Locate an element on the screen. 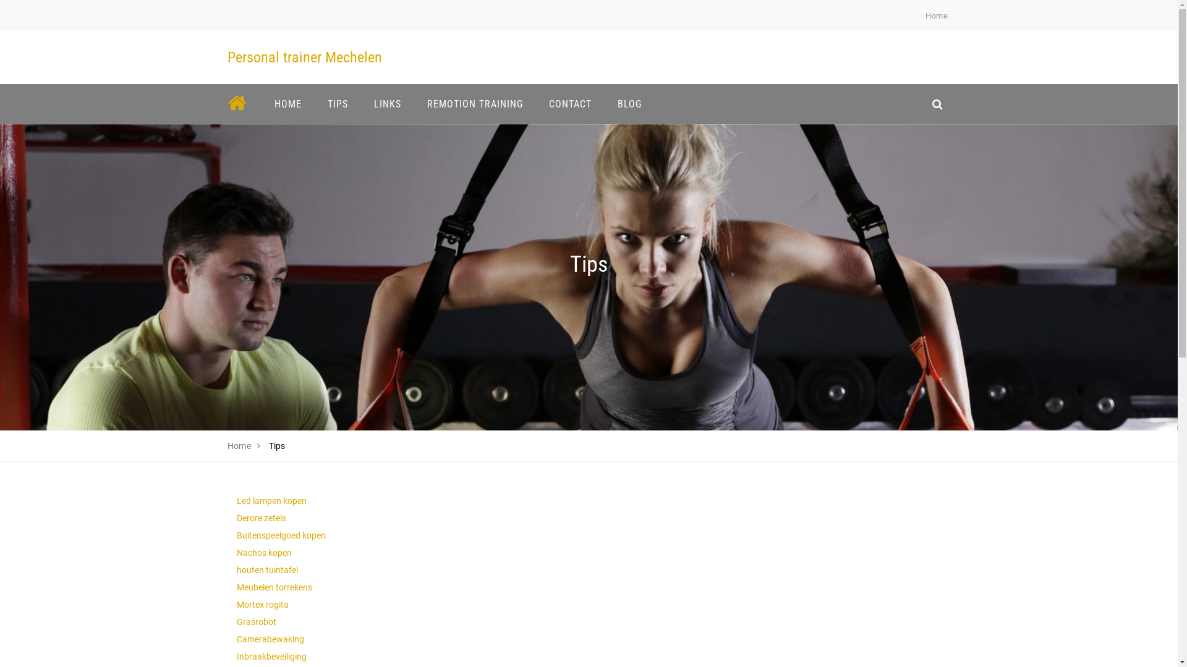 This screenshot has height=667, width=1187. 'BLOG' is located at coordinates (629, 103).